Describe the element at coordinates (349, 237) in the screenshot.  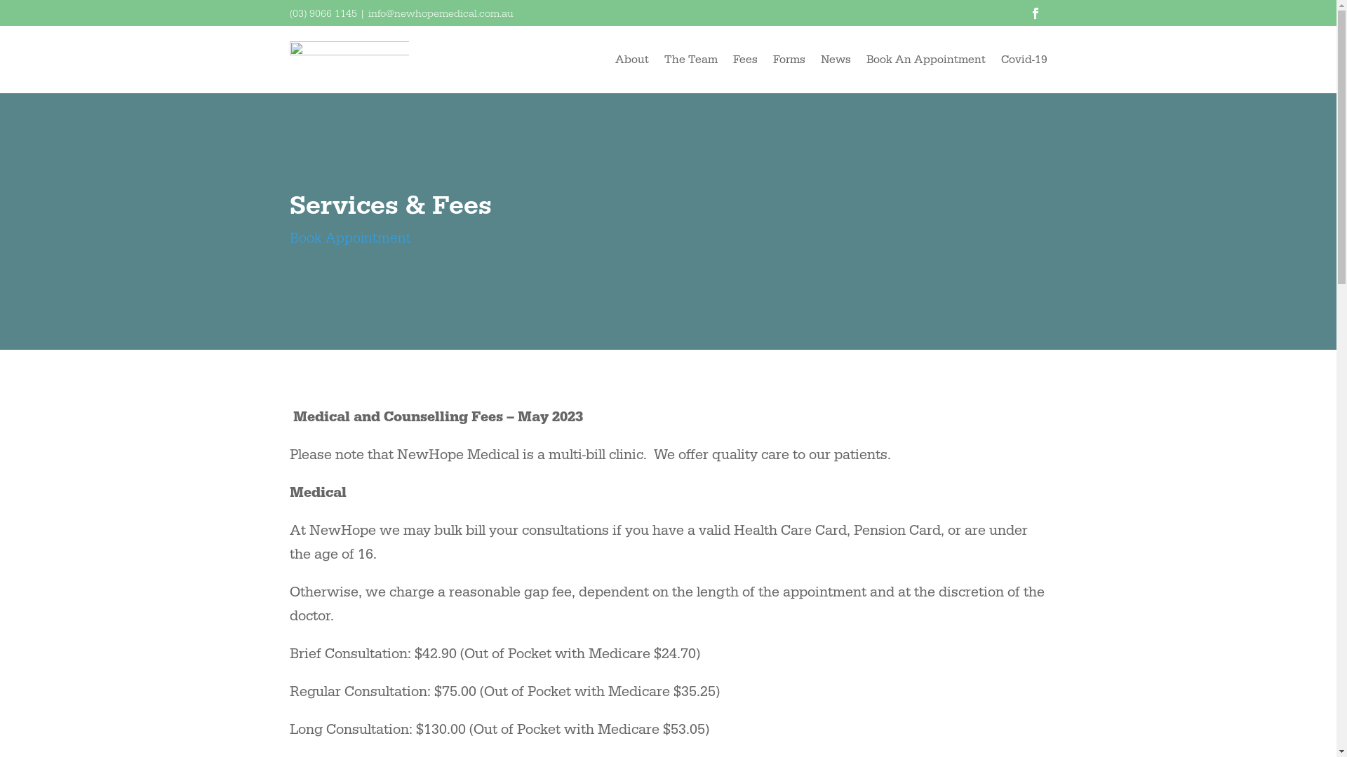
I see `'Book Appointment'` at that location.